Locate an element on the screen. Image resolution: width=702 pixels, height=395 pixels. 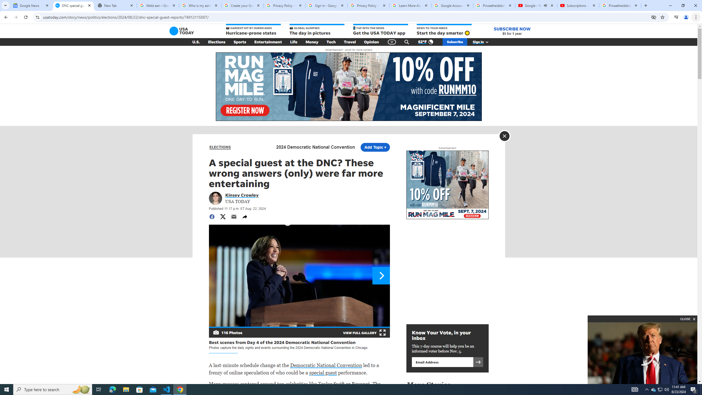
'View site information' is located at coordinates (37, 17).